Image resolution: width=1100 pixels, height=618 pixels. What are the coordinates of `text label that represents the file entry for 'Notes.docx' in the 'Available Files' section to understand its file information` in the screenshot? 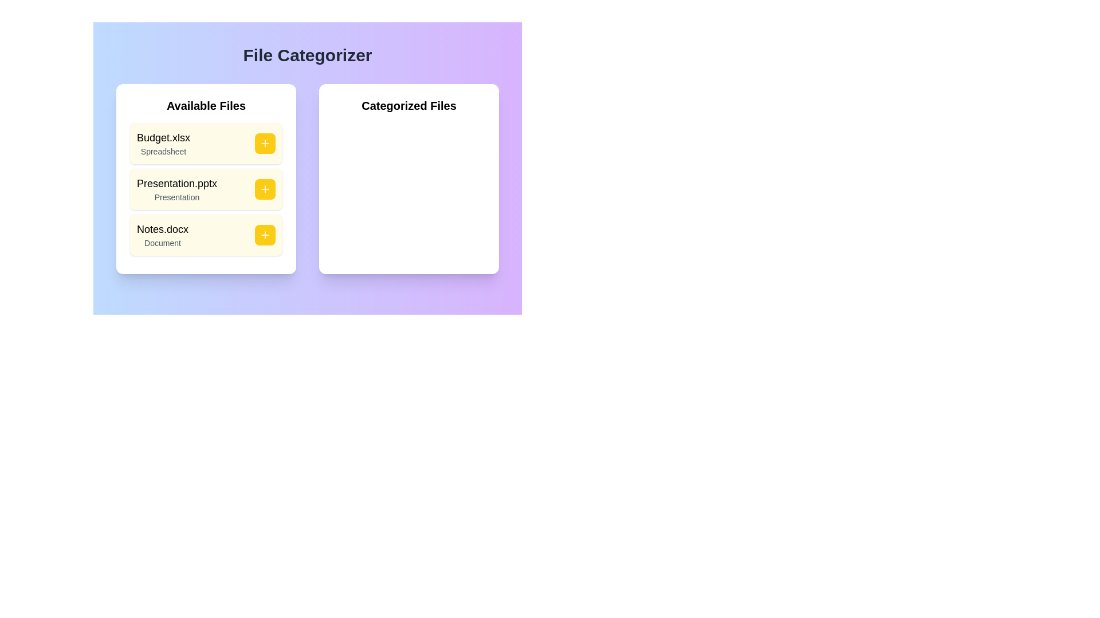 It's located at (162, 235).